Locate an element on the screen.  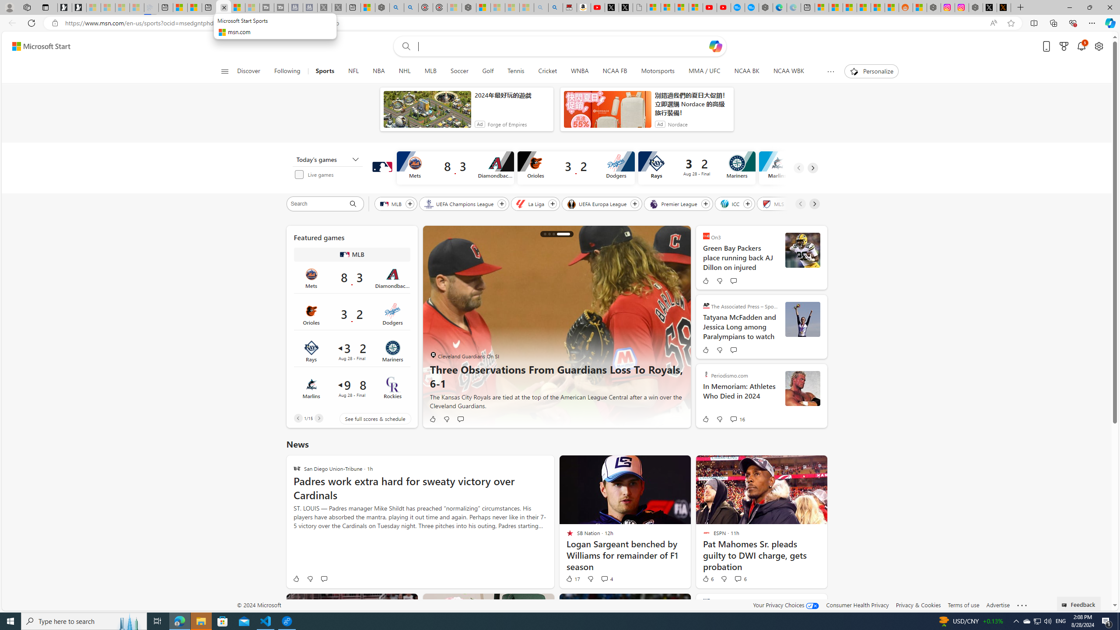
'NCAA FB' is located at coordinates (615, 71).